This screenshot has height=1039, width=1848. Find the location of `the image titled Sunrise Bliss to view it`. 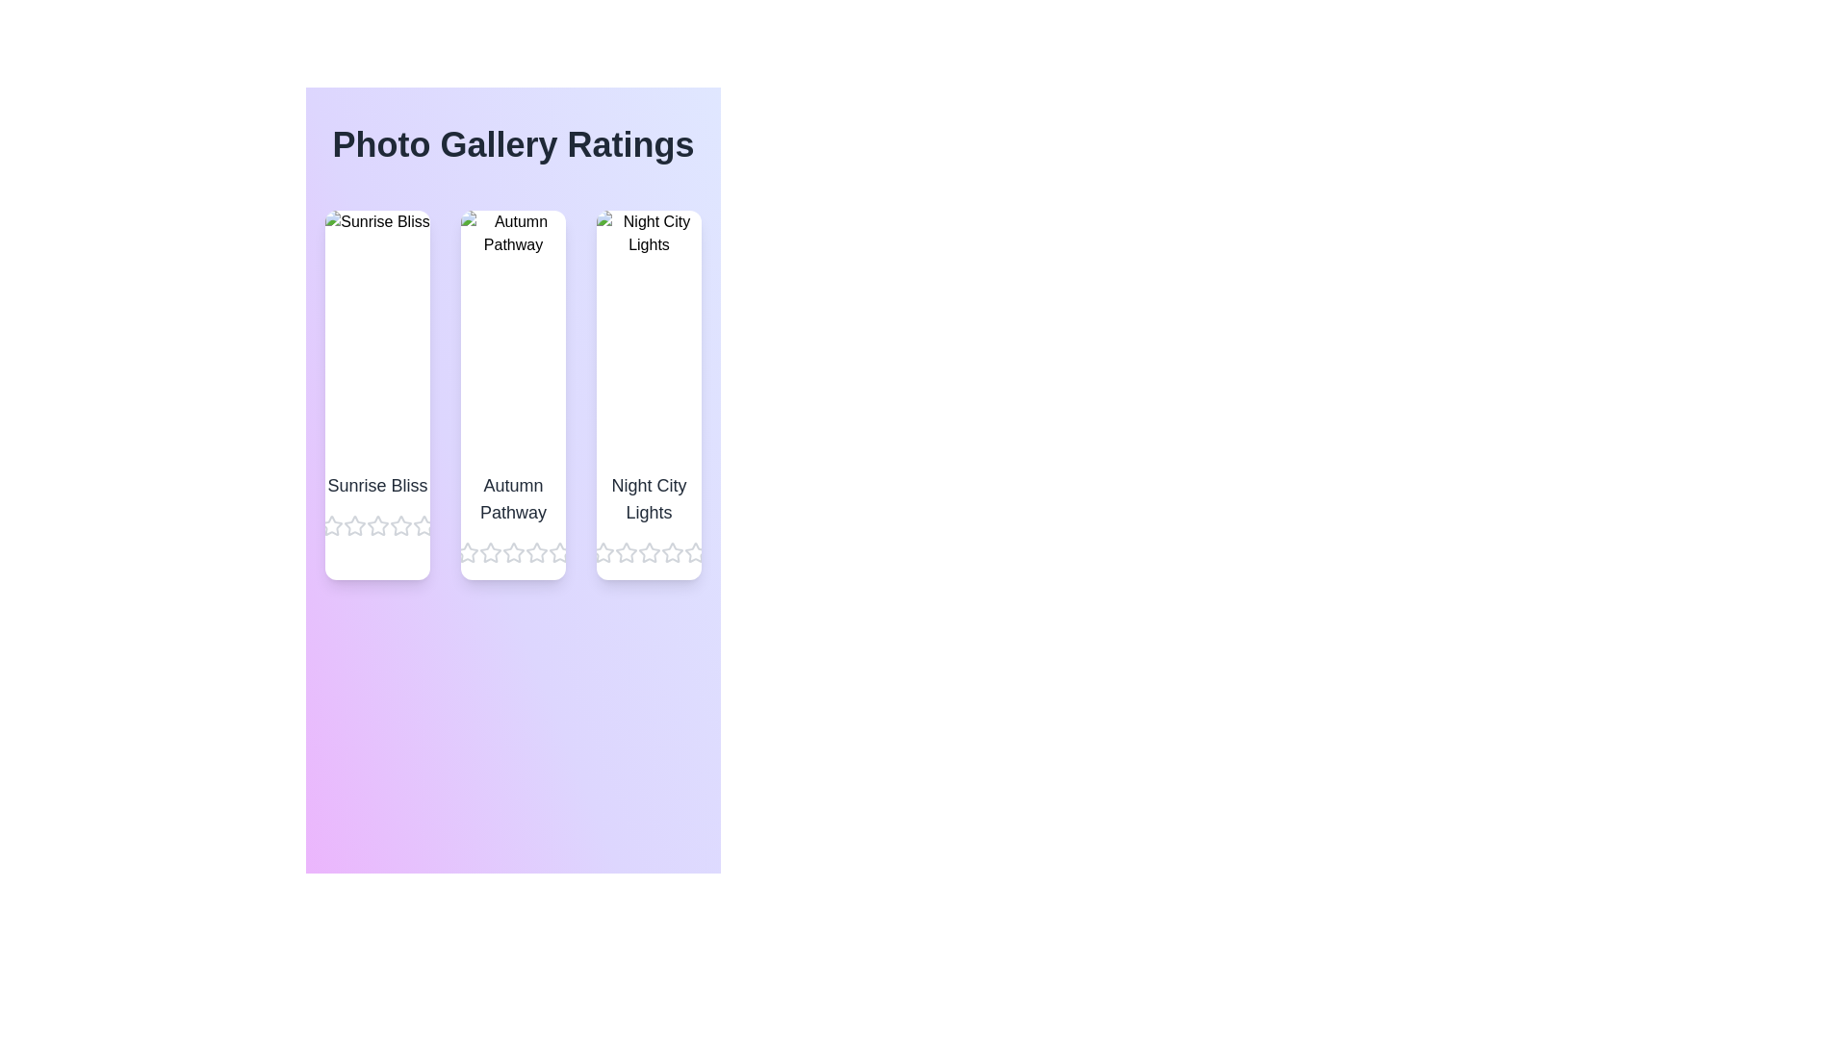

the image titled Sunrise Bliss to view it is located at coordinates (377, 333).